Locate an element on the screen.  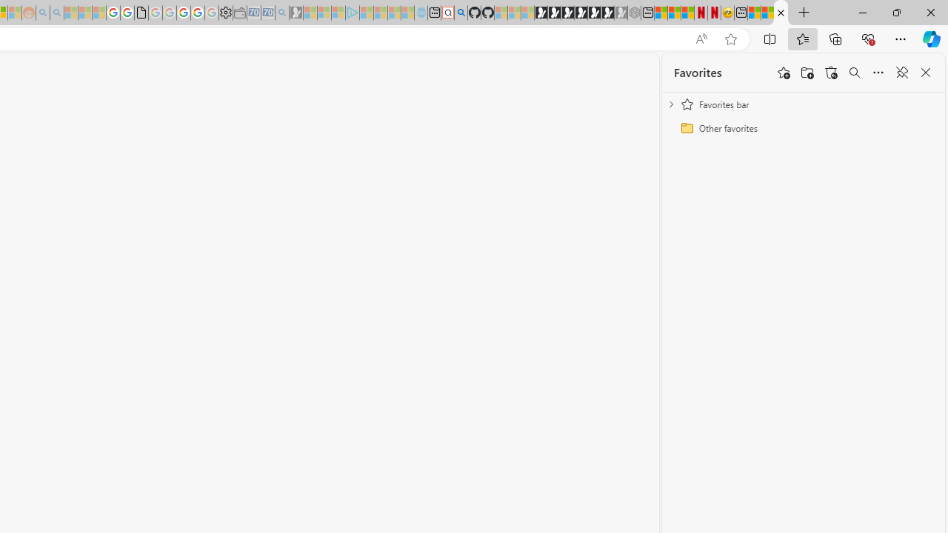
'Wildlife - MSN' is located at coordinates (754, 13).